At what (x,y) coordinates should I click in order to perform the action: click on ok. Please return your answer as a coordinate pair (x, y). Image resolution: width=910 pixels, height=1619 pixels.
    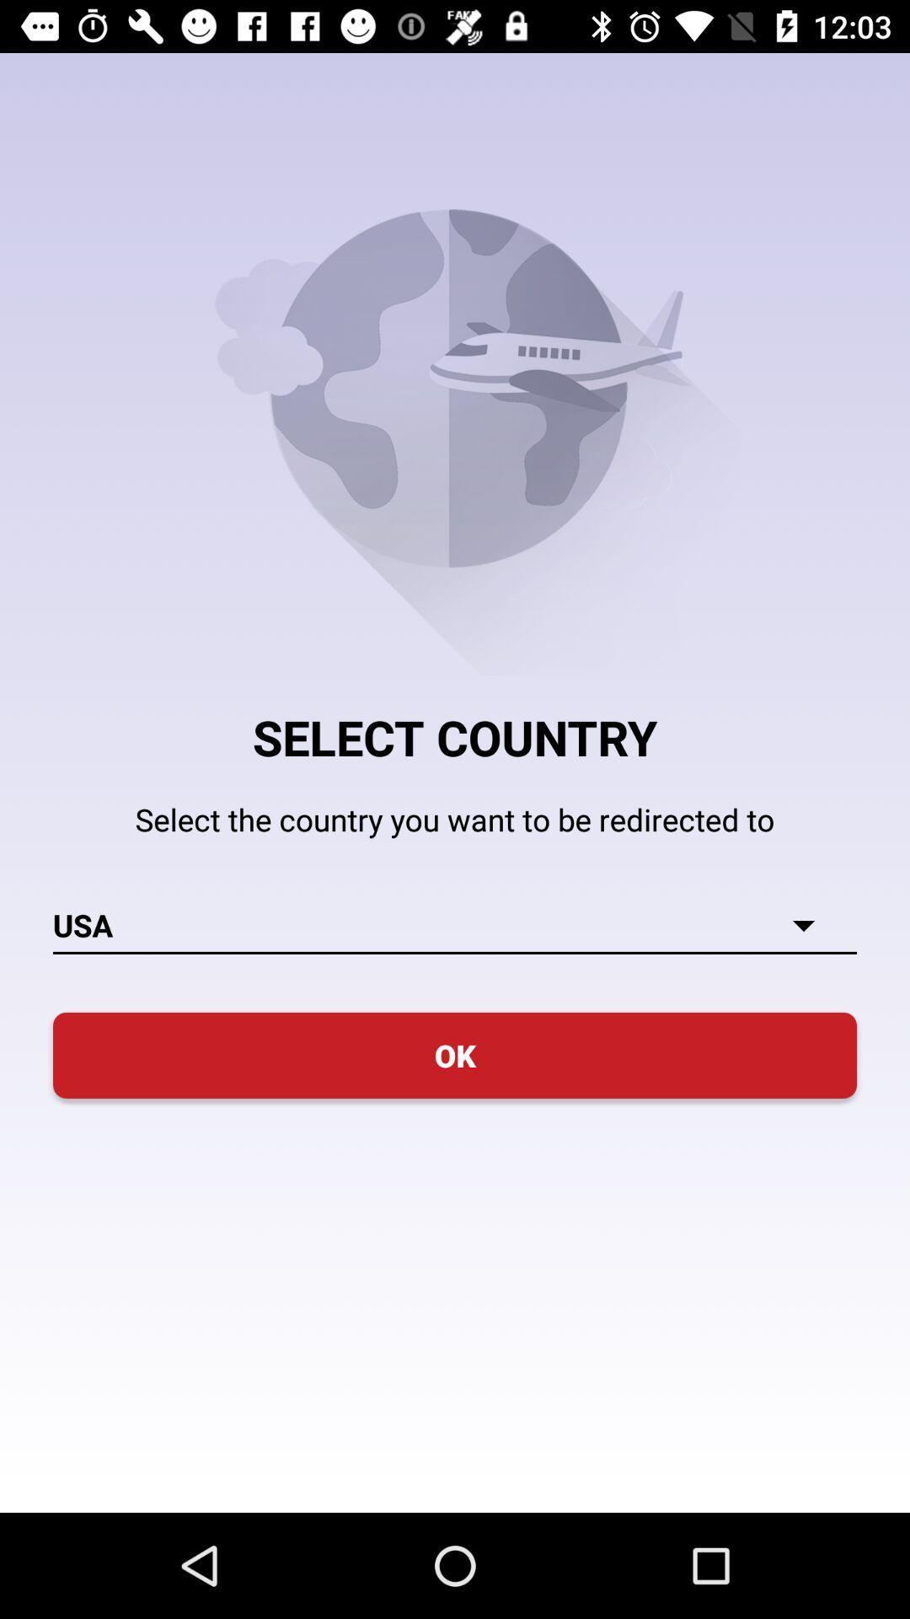
    Looking at the image, I should click on (455, 1054).